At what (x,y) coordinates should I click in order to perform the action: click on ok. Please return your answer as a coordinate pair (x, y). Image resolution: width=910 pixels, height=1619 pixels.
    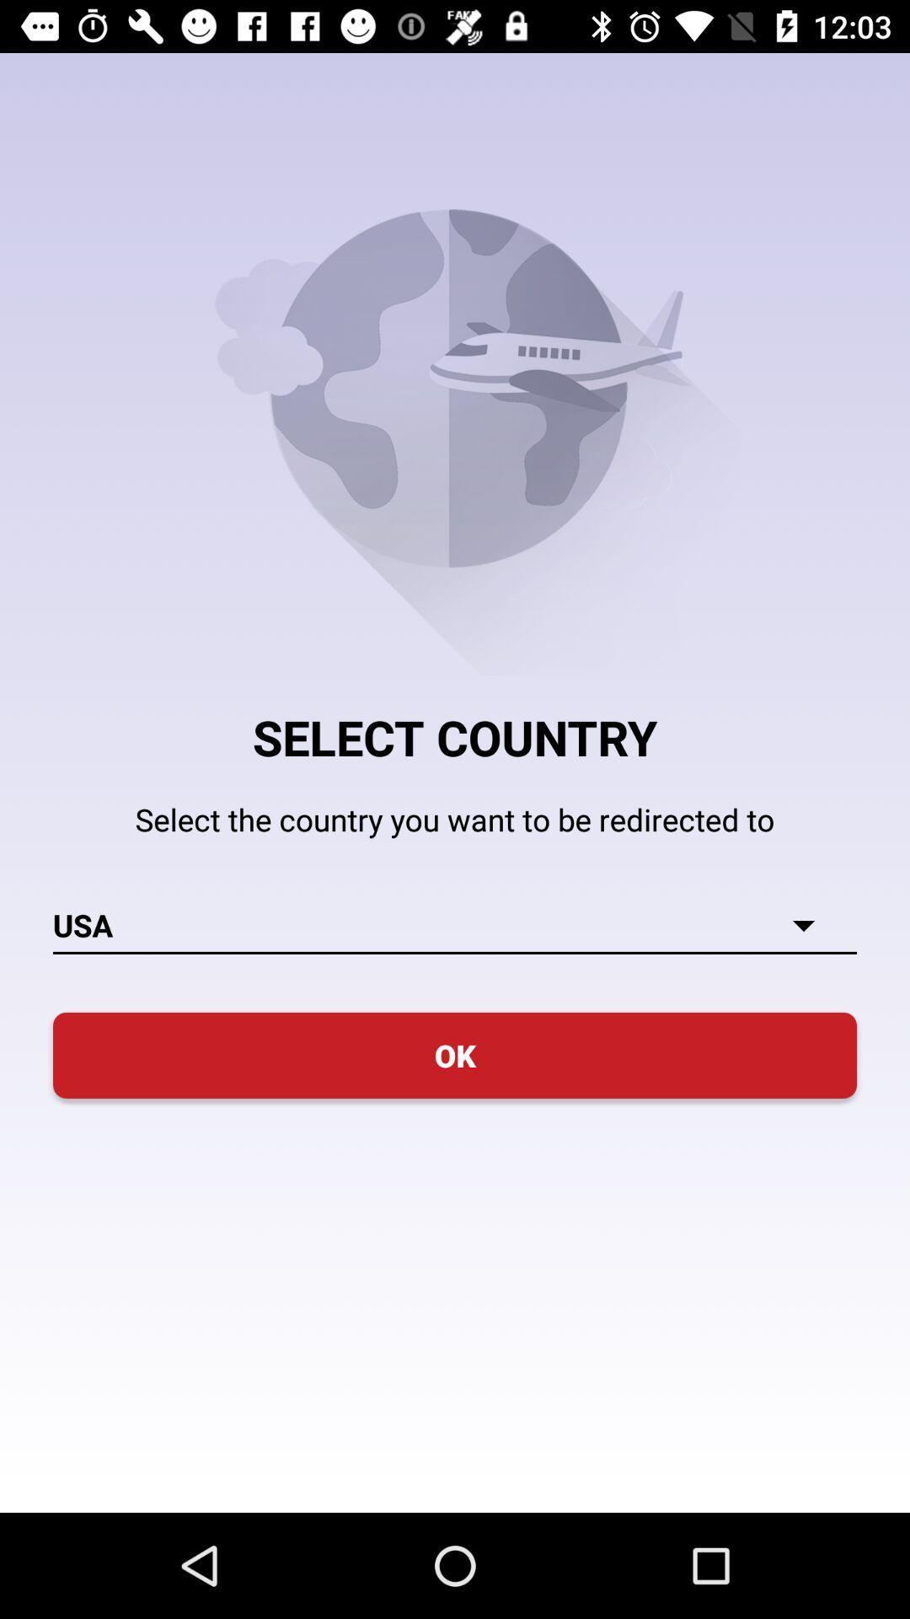
    Looking at the image, I should click on (455, 1054).